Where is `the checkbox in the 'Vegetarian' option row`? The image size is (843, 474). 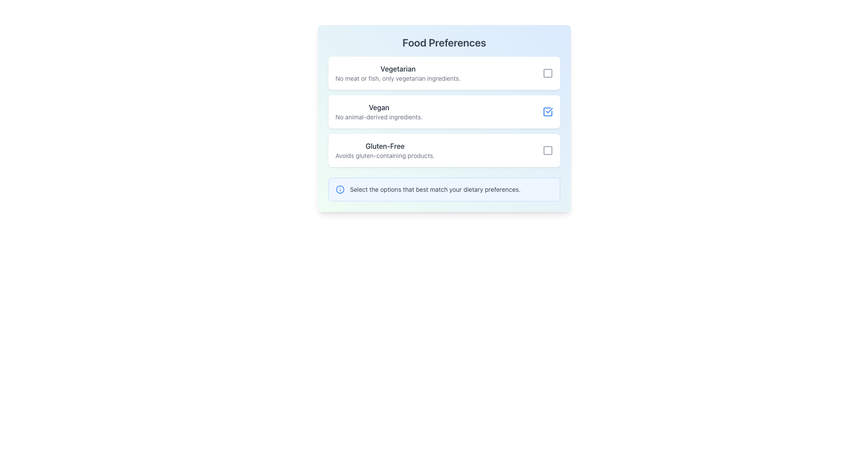
the checkbox in the 'Vegetarian' option row is located at coordinates (548, 72).